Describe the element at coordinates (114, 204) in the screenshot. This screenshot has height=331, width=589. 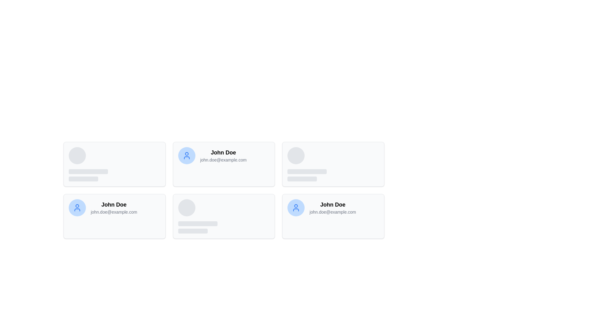
I see `the label displaying 'John Doe'` at that location.